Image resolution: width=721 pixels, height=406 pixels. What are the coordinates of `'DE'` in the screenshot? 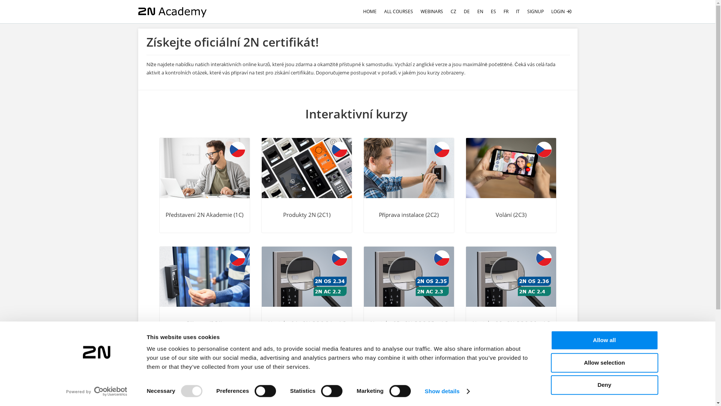 It's located at (466, 11).